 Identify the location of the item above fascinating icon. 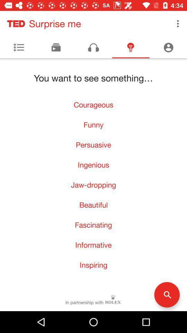
(93, 205).